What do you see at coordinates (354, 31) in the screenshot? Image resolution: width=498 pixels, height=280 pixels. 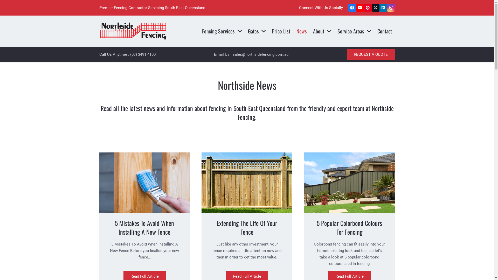 I see `'Service Areas'` at bounding box center [354, 31].